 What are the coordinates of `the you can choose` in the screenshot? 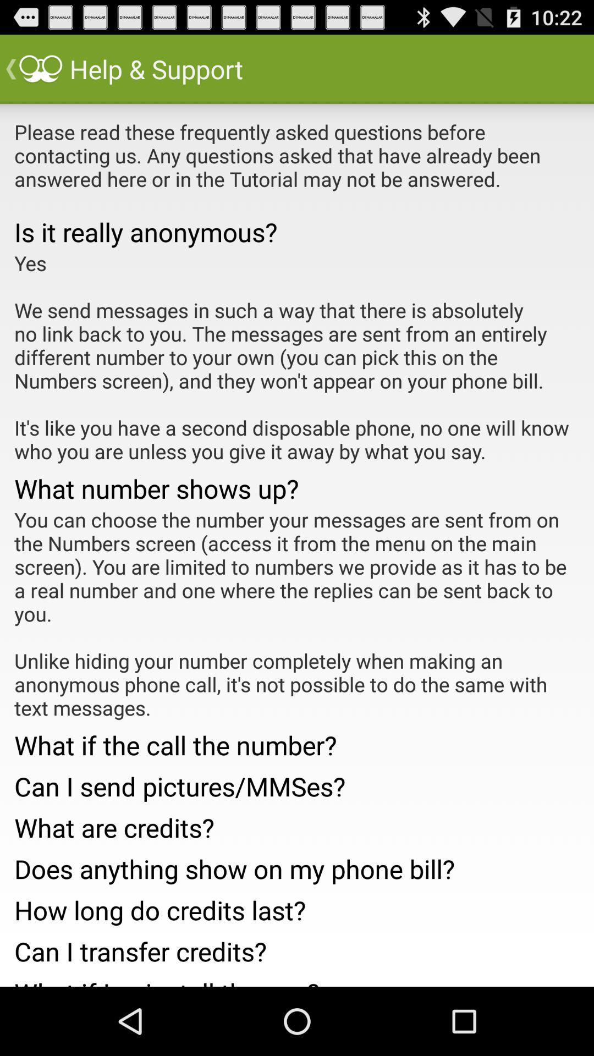 It's located at (297, 613).